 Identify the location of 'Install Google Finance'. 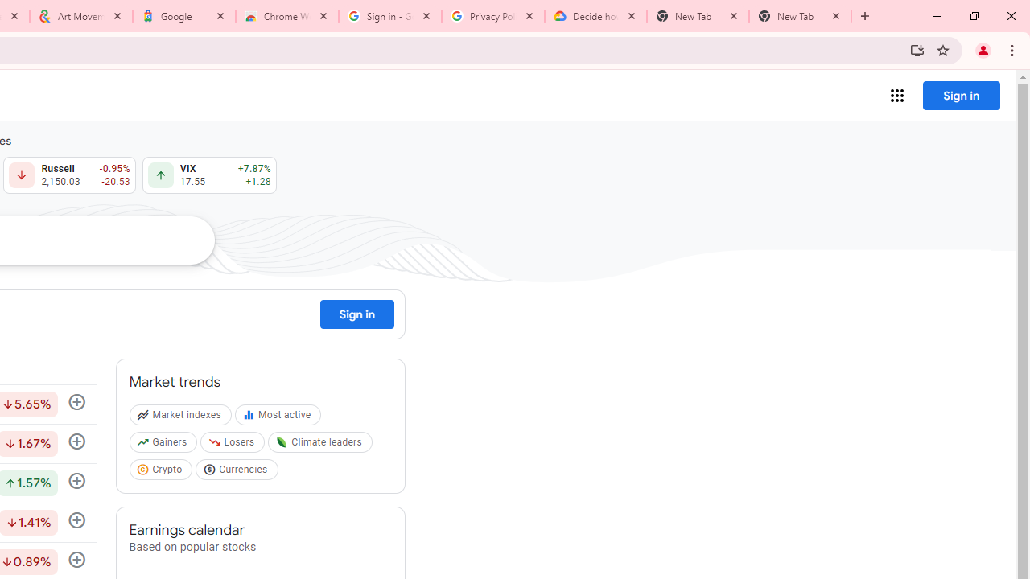
(917, 49).